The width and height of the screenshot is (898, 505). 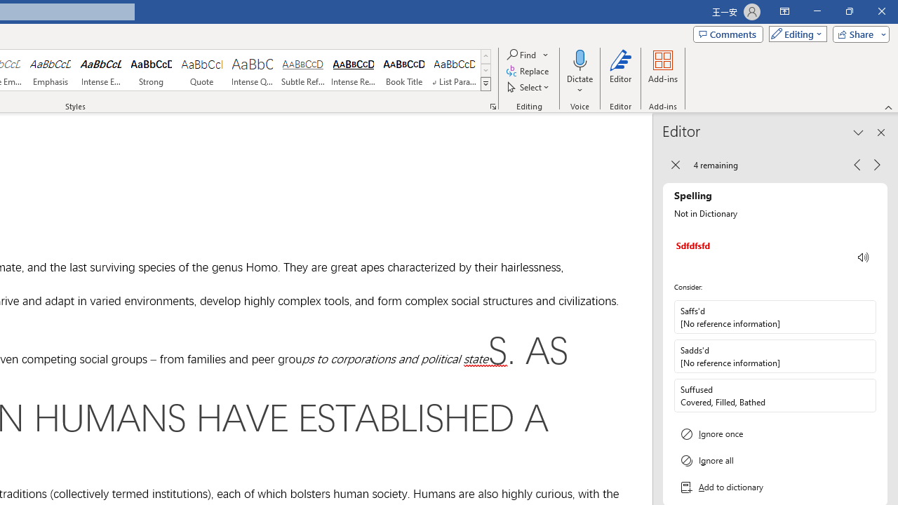 What do you see at coordinates (579, 72) in the screenshot?
I see `'Dictate'` at bounding box center [579, 72].